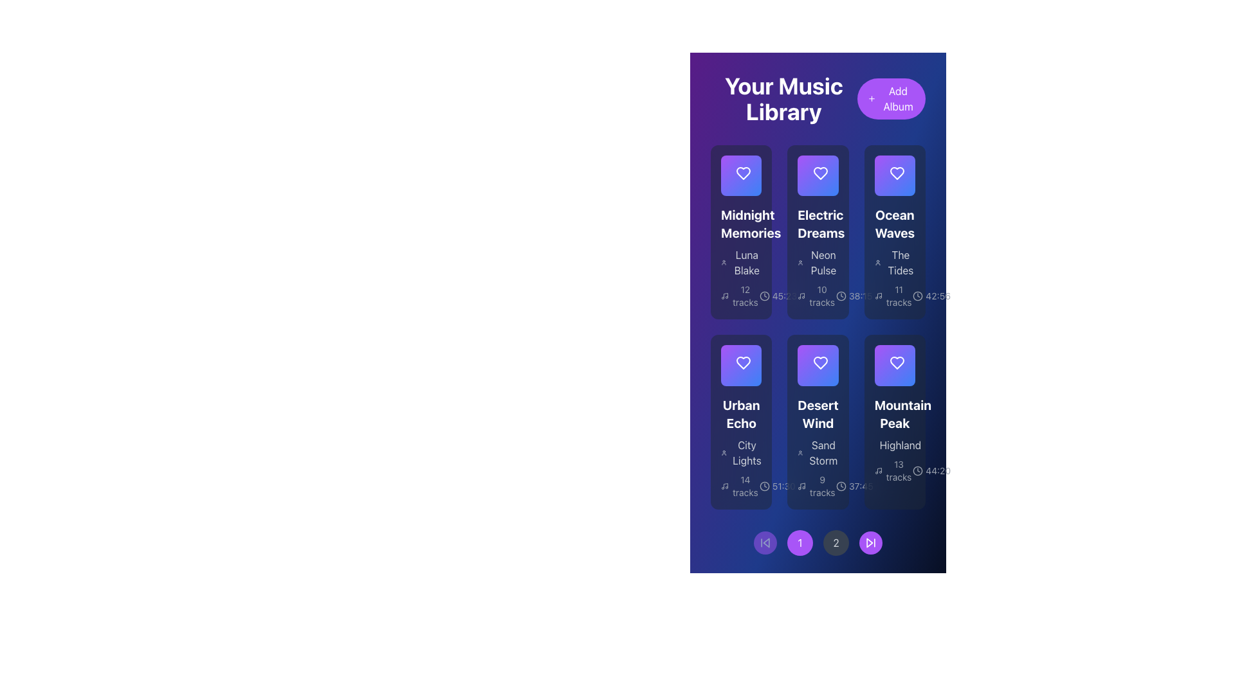  Describe the element at coordinates (917, 296) in the screenshot. I see `the clock icon located in the bottom-right corner of the 'Ocean Waves' card in the 'Your Music Library' interface, positioned left of the duration text ('42:56')` at that location.